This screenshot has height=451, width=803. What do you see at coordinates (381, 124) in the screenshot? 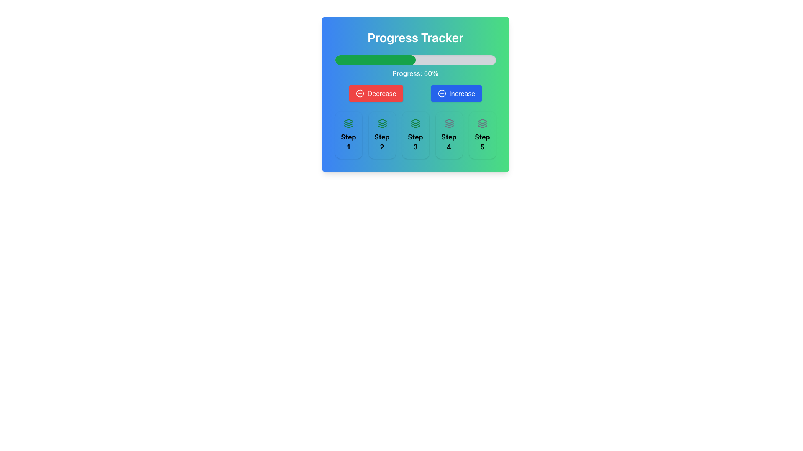
I see `the middle layer icon element in the stacked layers visualization located in the top middle section of the interface` at bounding box center [381, 124].